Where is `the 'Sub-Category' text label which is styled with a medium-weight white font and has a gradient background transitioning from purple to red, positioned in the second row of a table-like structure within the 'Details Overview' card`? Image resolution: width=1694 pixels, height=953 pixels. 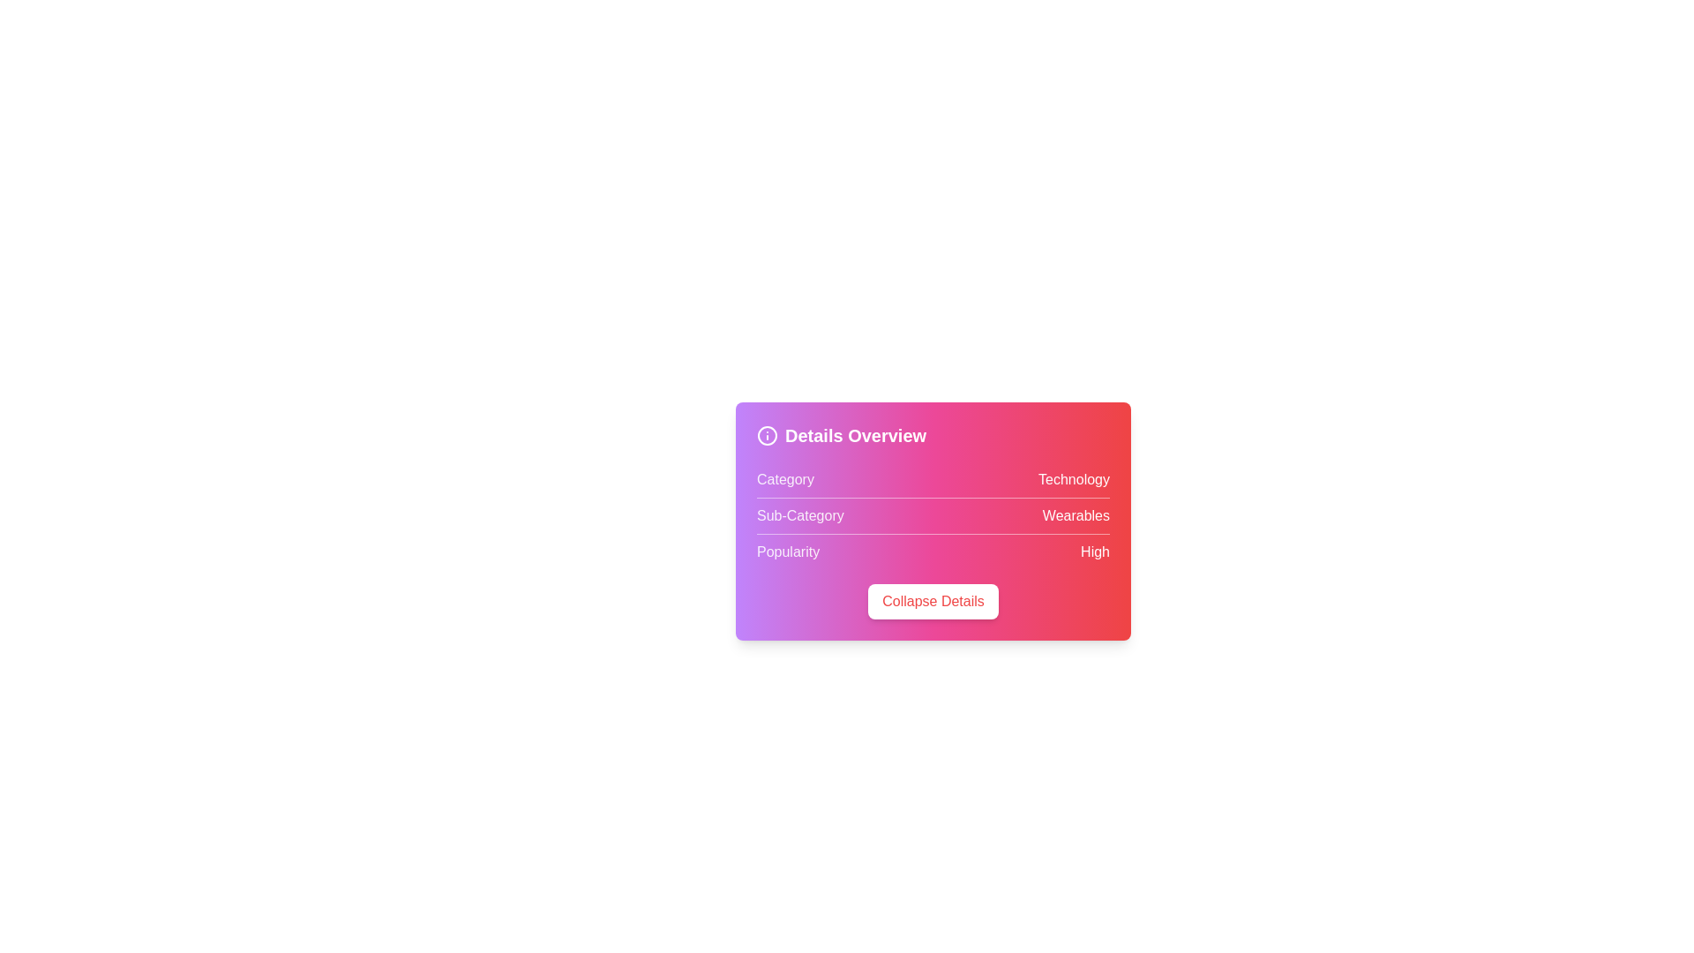 the 'Sub-Category' text label which is styled with a medium-weight white font and has a gradient background transitioning from purple to red, positioned in the second row of a table-like structure within the 'Details Overview' card is located at coordinates (799, 516).